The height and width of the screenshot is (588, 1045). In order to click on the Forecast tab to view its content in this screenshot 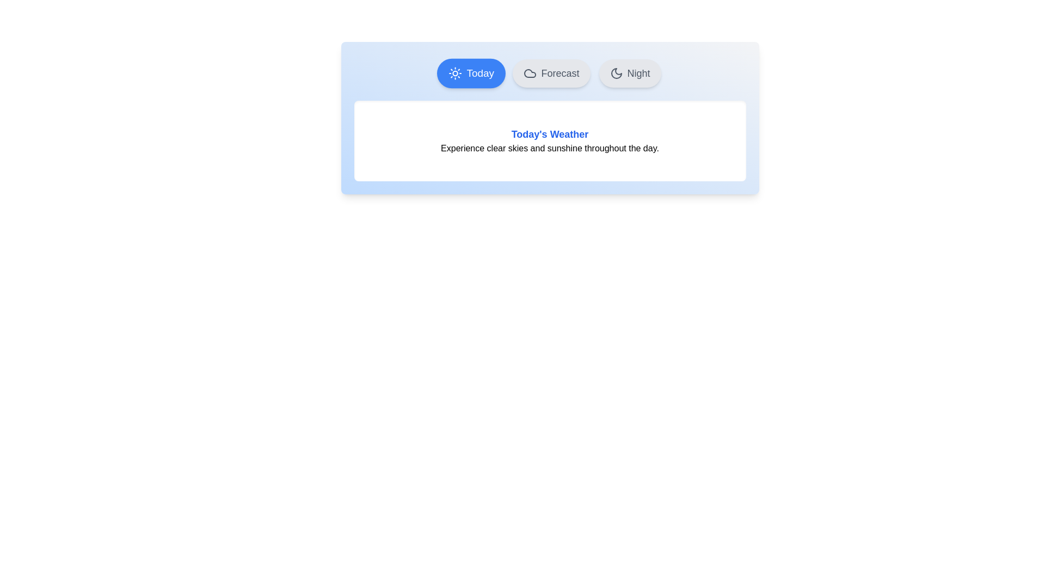, I will do `click(551, 73)`.